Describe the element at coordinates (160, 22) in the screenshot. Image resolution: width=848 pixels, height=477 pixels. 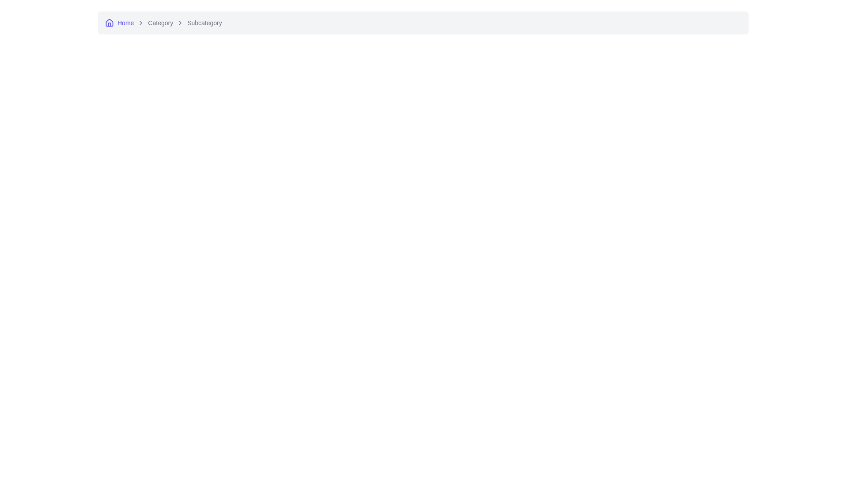
I see `the static text element displaying 'Category' in the breadcrumb navigation bar, located between 'Home' and 'Subcategory'` at that location.